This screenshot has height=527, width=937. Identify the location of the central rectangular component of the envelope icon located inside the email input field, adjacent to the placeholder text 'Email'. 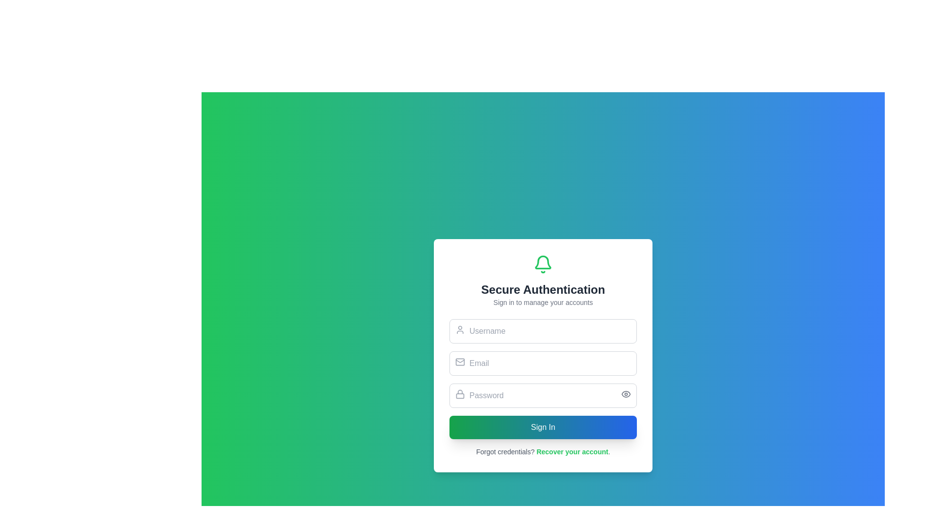
(459, 362).